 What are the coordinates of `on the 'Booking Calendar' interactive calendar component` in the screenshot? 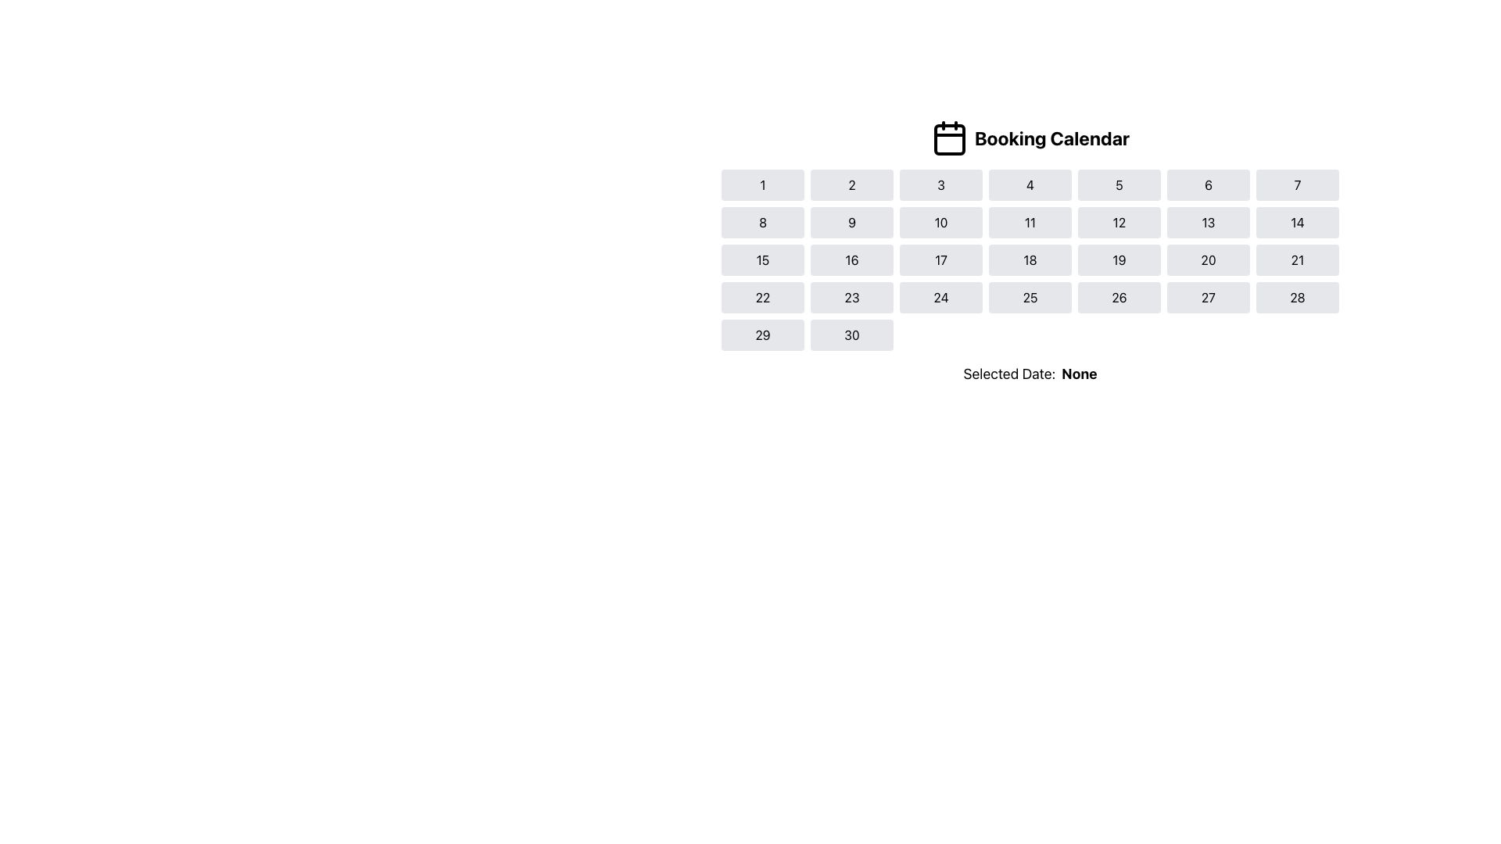 It's located at (1030, 252).